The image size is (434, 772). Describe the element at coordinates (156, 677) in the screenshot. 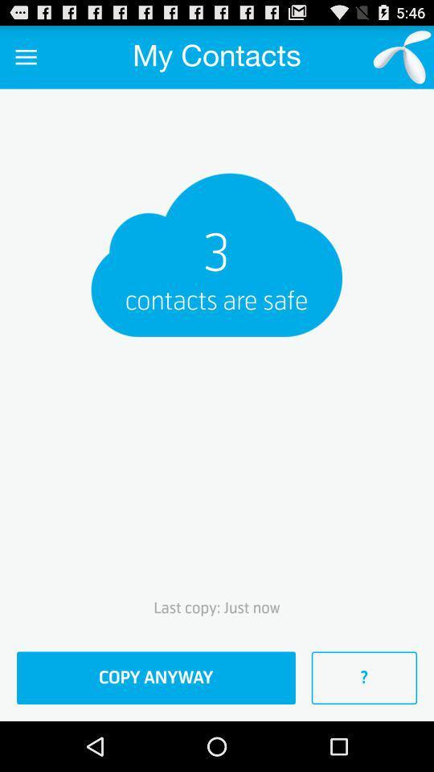

I see `the copy anyway` at that location.